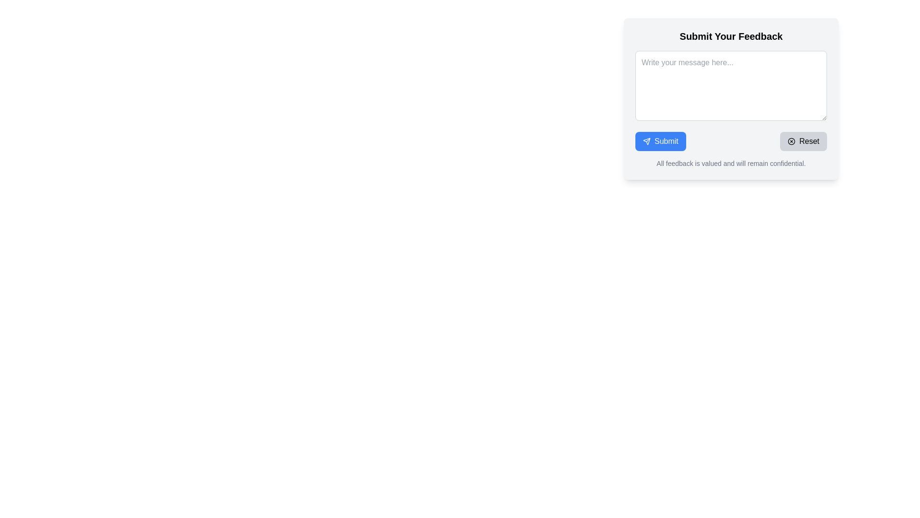 This screenshot has height=518, width=920. Describe the element at coordinates (646, 141) in the screenshot. I see `the small paper airplane icon located at the left corner of the blue 'Submit' button in the feedback form` at that location.